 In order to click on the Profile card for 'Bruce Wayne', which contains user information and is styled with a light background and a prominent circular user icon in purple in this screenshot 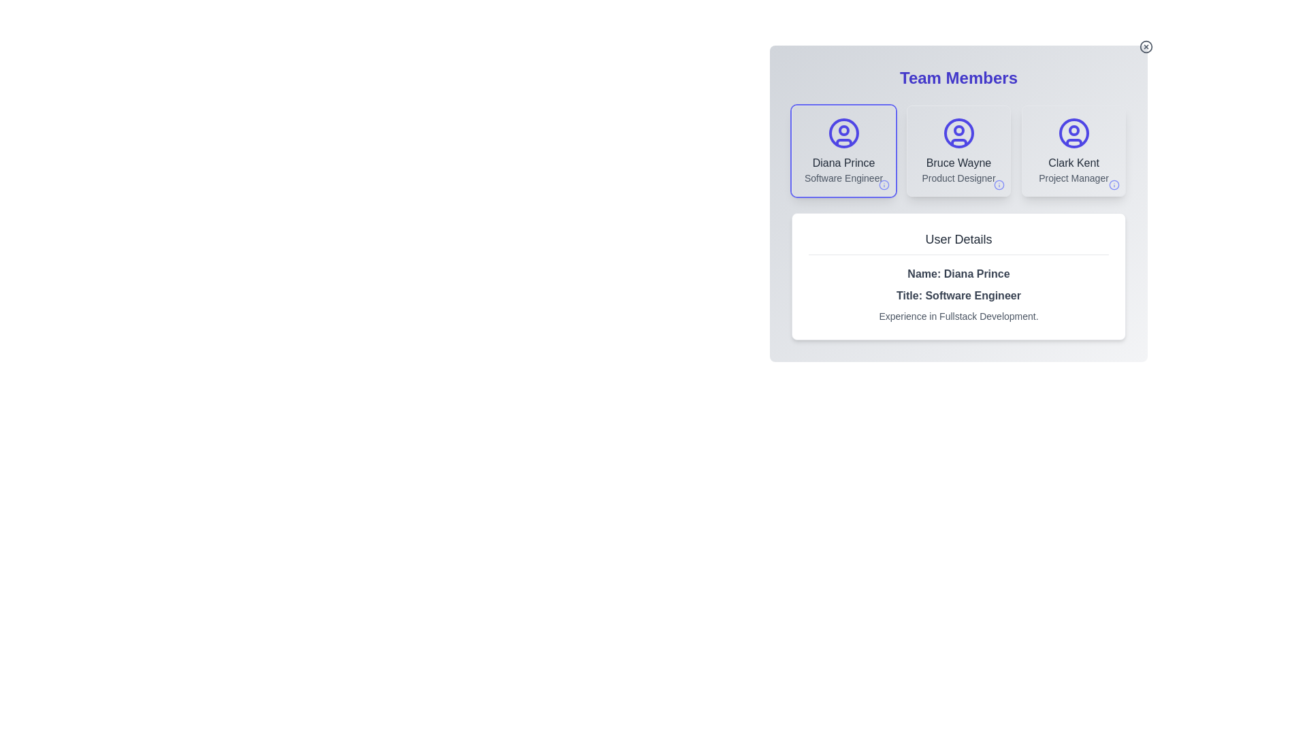, I will do `click(958, 151)`.